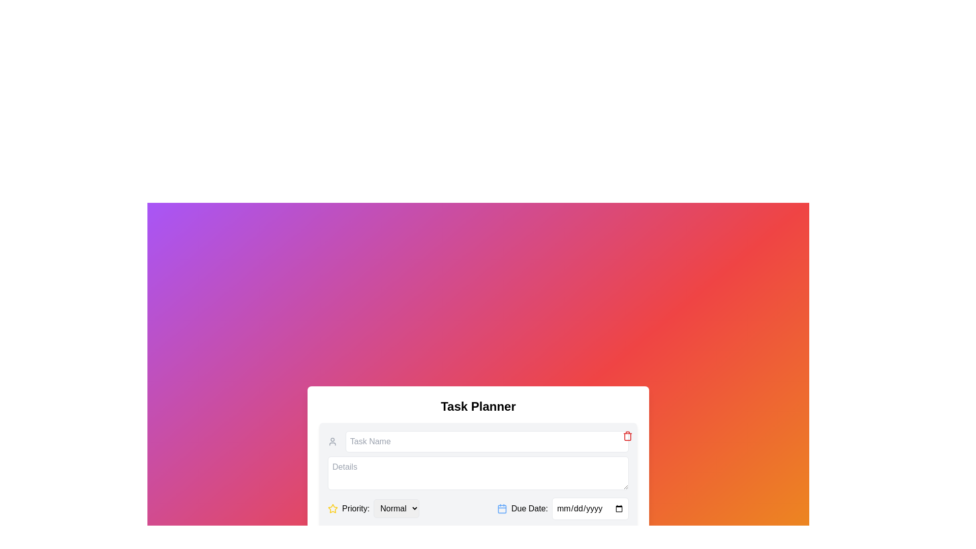 Image resolution: width=976 pixels, height=549 pixels. Describe the element at coordinates (502, 508) in the screenshot. I see `the blue calendar icon located to the left of the 'Due Date:' text input field` at that location.